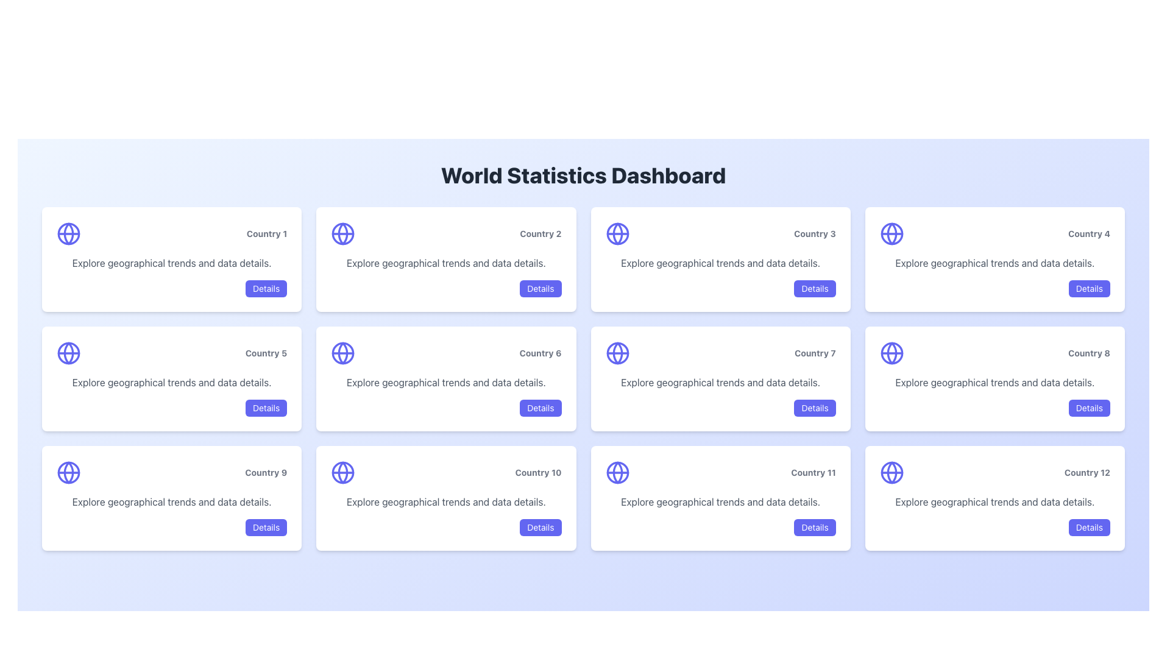 This screenshot has width=1170, height=658. I want to click on the globe icon located on the left side of the card labeled 'Country 8' in the fourth row of the grid layout, so click(892, 353).